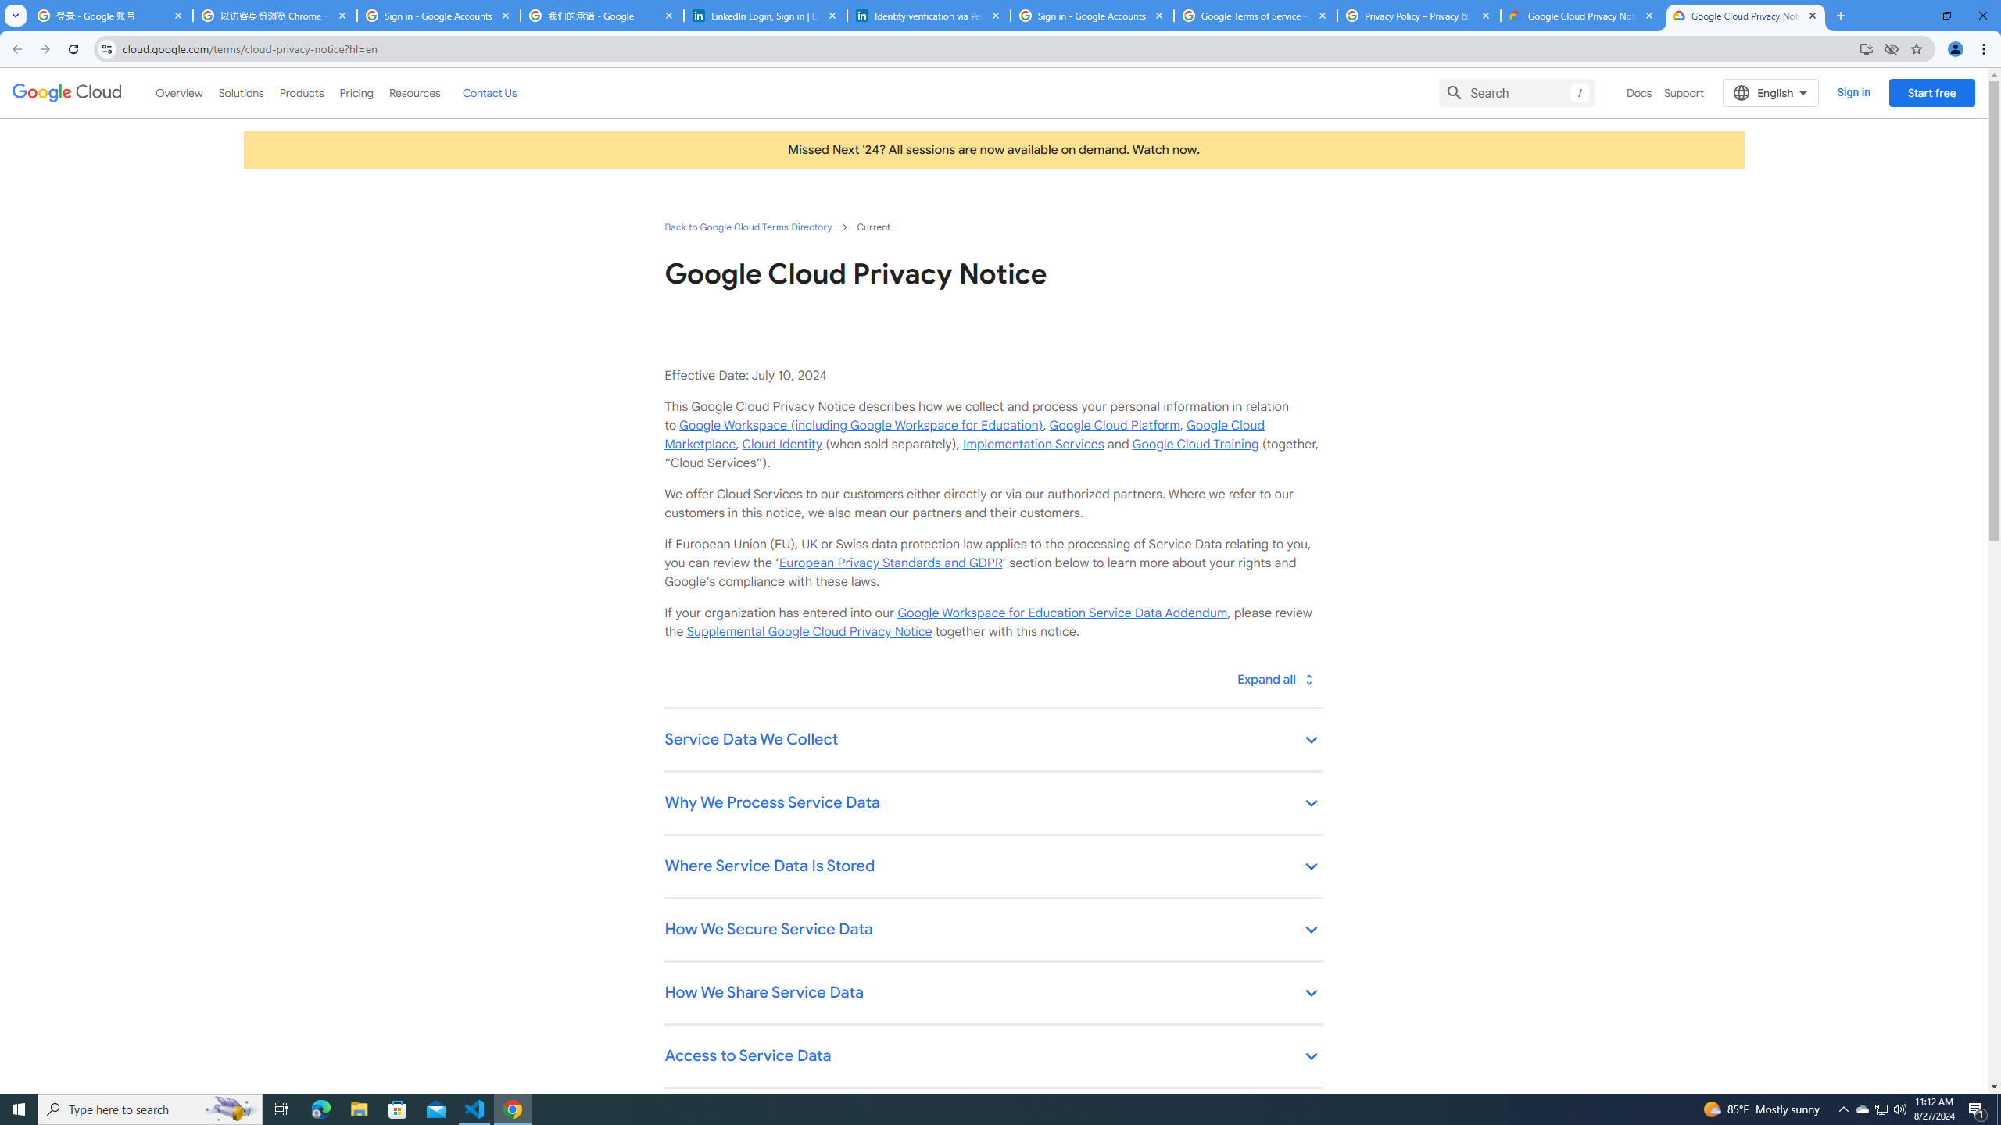  Describe the element at coordinates (1061, 612) in the screenshot. I see `'Google Workspace for Education Service Data Addendum'` at that location.